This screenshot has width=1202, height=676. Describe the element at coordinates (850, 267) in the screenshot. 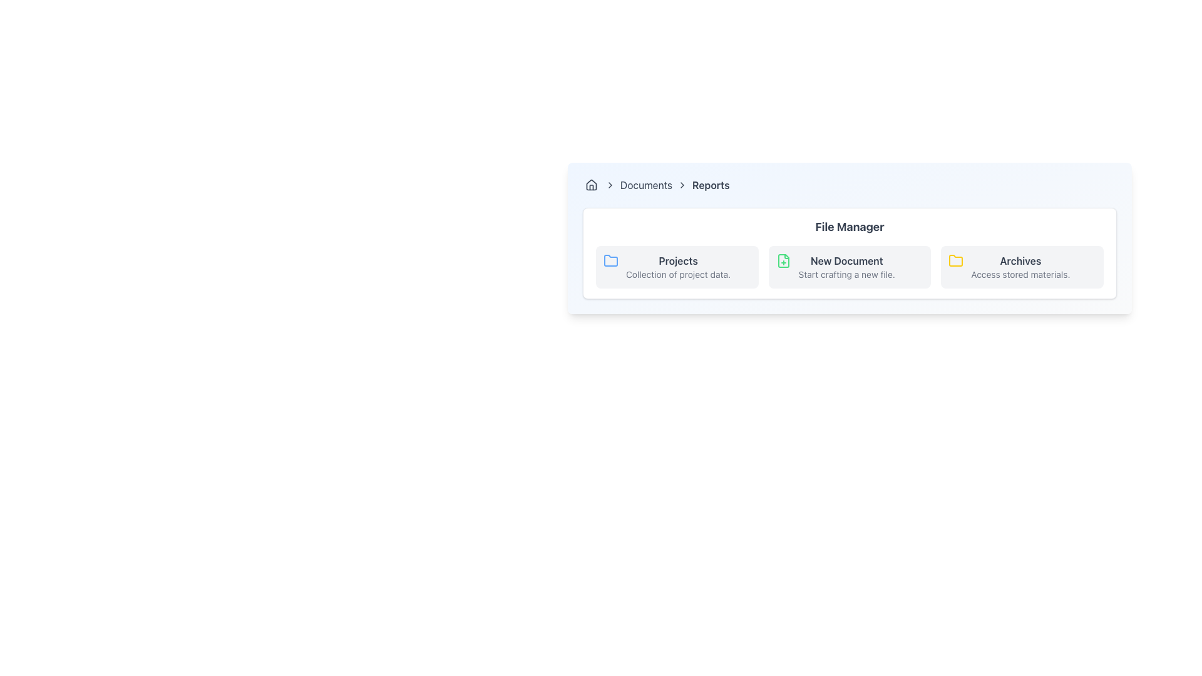

I see `the 'New Document' button in the 'File Manager' section to create a new document` at that location.